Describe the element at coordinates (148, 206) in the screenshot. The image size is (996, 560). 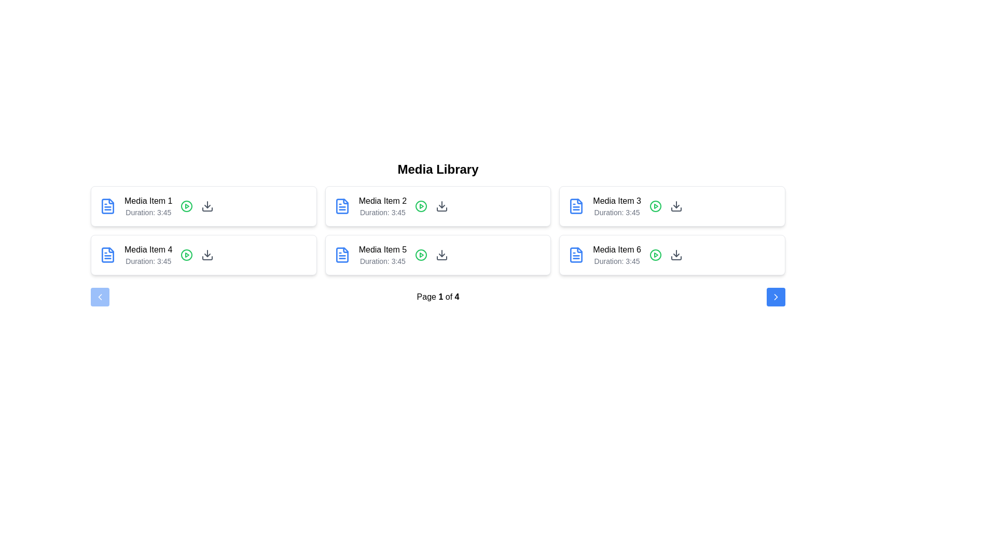
I see `the text label displaying 'Media Item 1' with the duration 'Duration: 3:45', located in the first card of the media library section` at that location.